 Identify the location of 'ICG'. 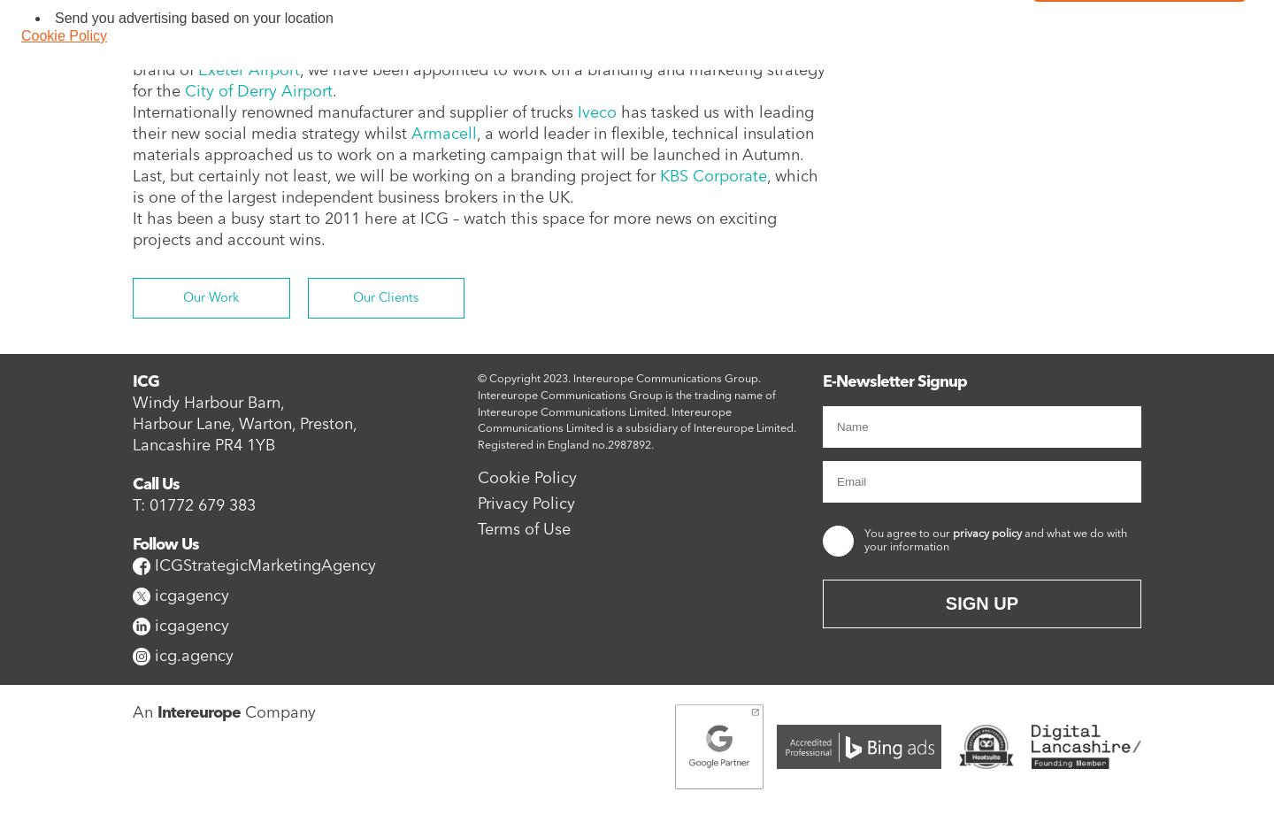
(145, 381).